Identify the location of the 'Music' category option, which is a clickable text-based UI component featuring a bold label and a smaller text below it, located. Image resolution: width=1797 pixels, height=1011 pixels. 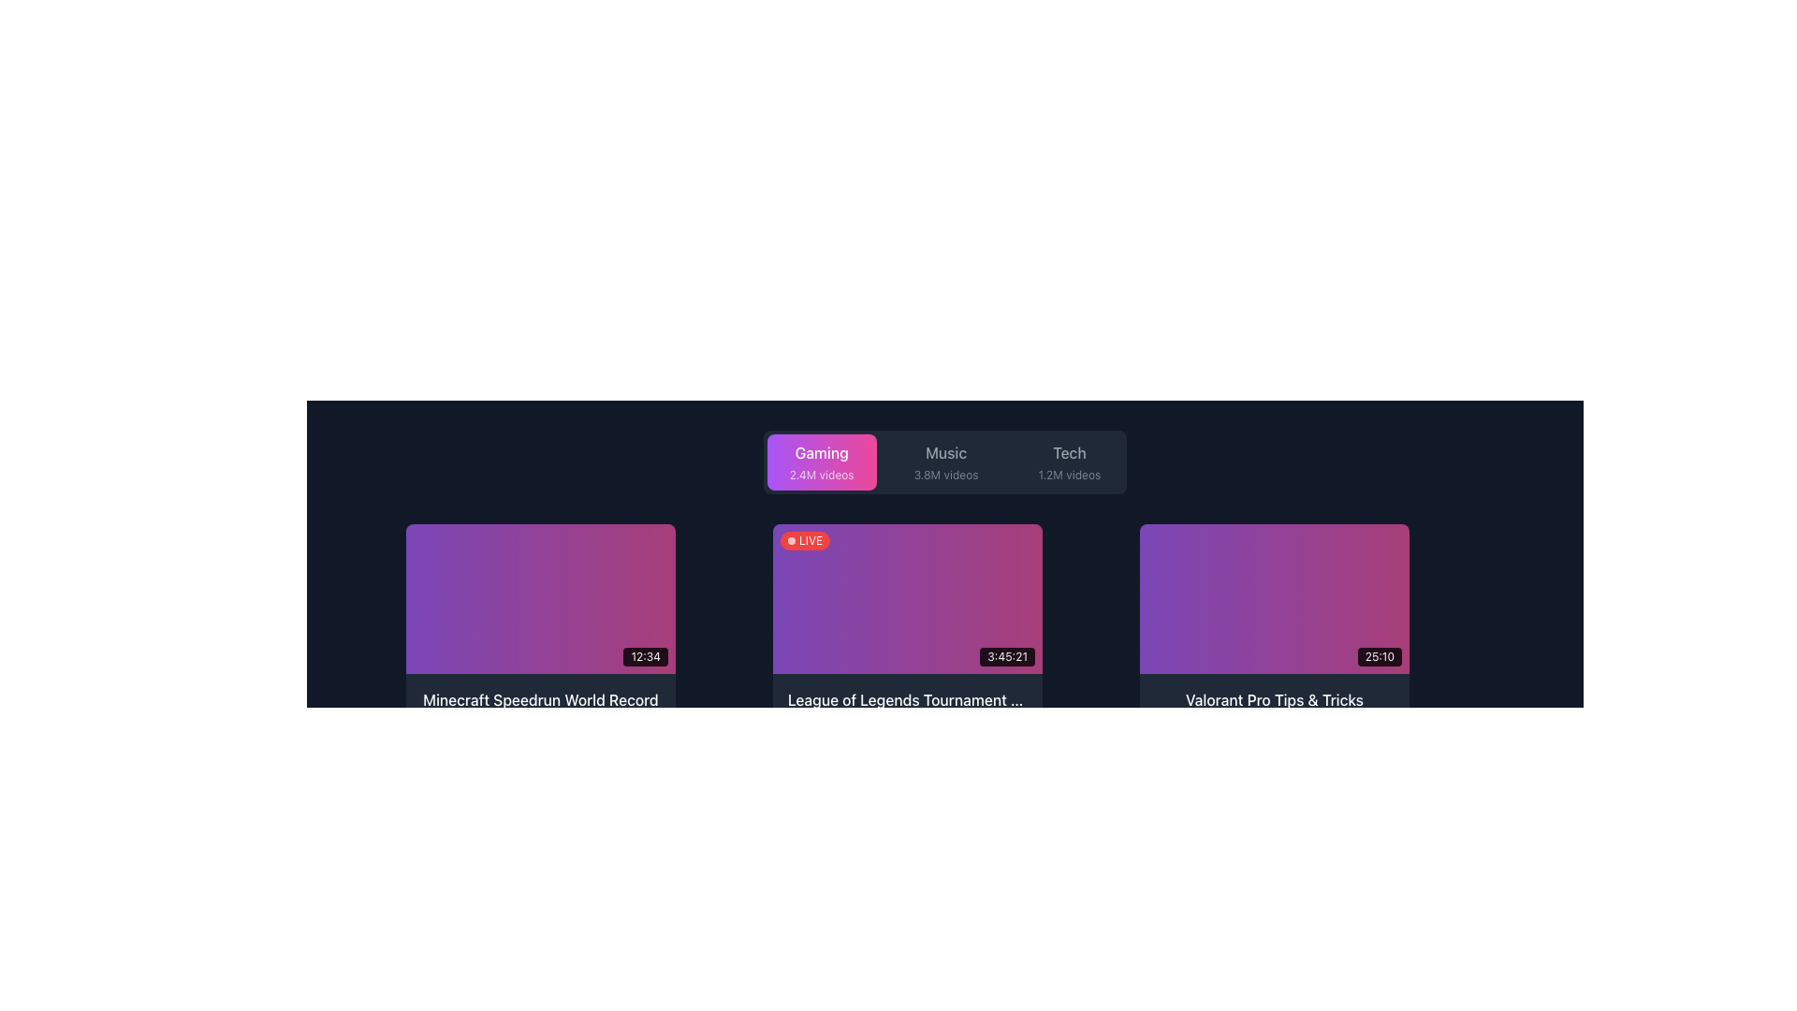
(946, 462).